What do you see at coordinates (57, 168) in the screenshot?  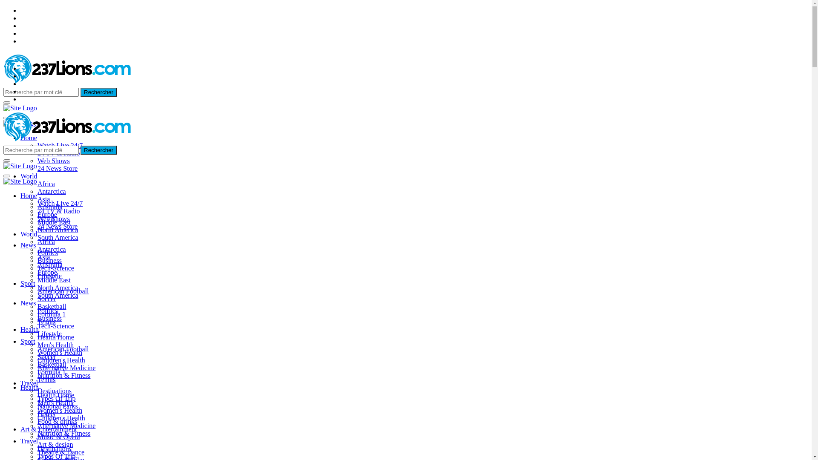 I see `'24 News Store'` at bounding box center [57, 168].